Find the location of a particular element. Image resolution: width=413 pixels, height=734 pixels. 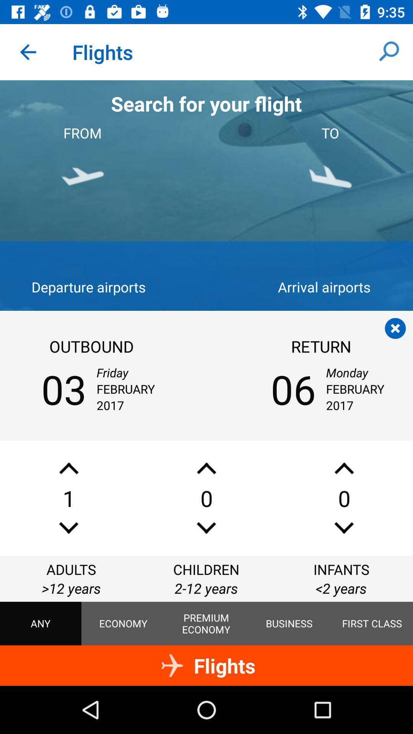

item next to flights app is located at coordinates (28, 52).